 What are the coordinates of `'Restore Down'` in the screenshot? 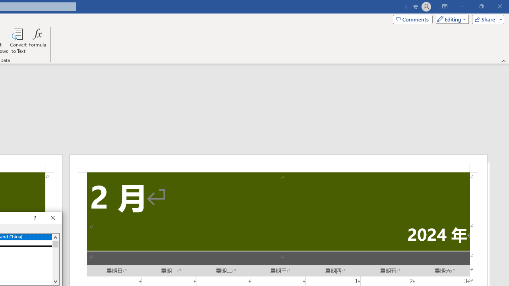 It's located at (481, 6).